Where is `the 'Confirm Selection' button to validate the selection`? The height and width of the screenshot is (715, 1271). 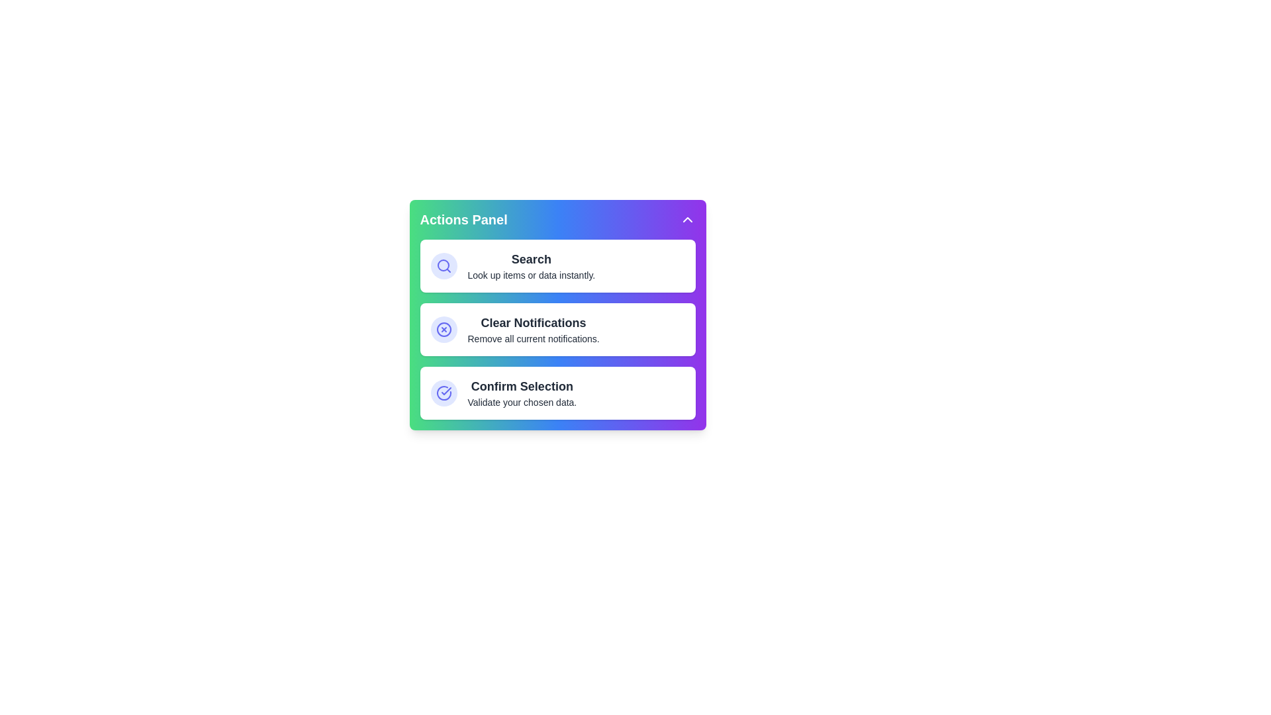 the 'Confirm Selection' button to validate the selection is located at coordinates (557, 393).